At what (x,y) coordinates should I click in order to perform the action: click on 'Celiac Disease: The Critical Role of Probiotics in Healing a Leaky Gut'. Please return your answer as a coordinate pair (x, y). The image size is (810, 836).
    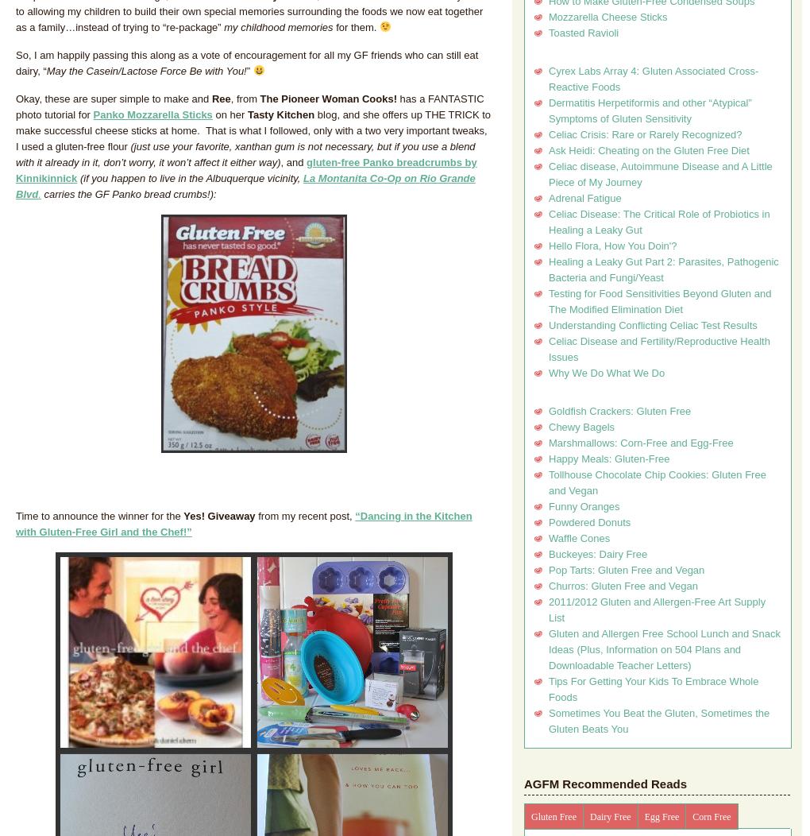
    Looking at the image, I should click on (658, 222).